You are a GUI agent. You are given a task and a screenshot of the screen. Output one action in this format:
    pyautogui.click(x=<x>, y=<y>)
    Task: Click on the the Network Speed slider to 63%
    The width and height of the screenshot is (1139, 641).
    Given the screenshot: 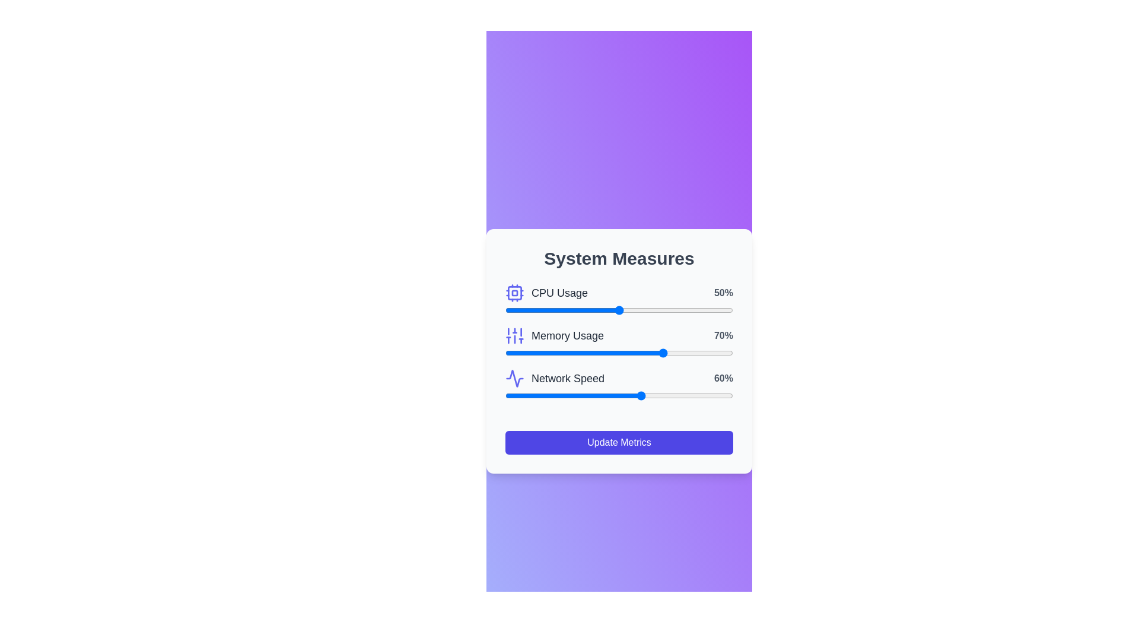 What is the action you would take?
    pyautogui.click(x=648, y=396)
    